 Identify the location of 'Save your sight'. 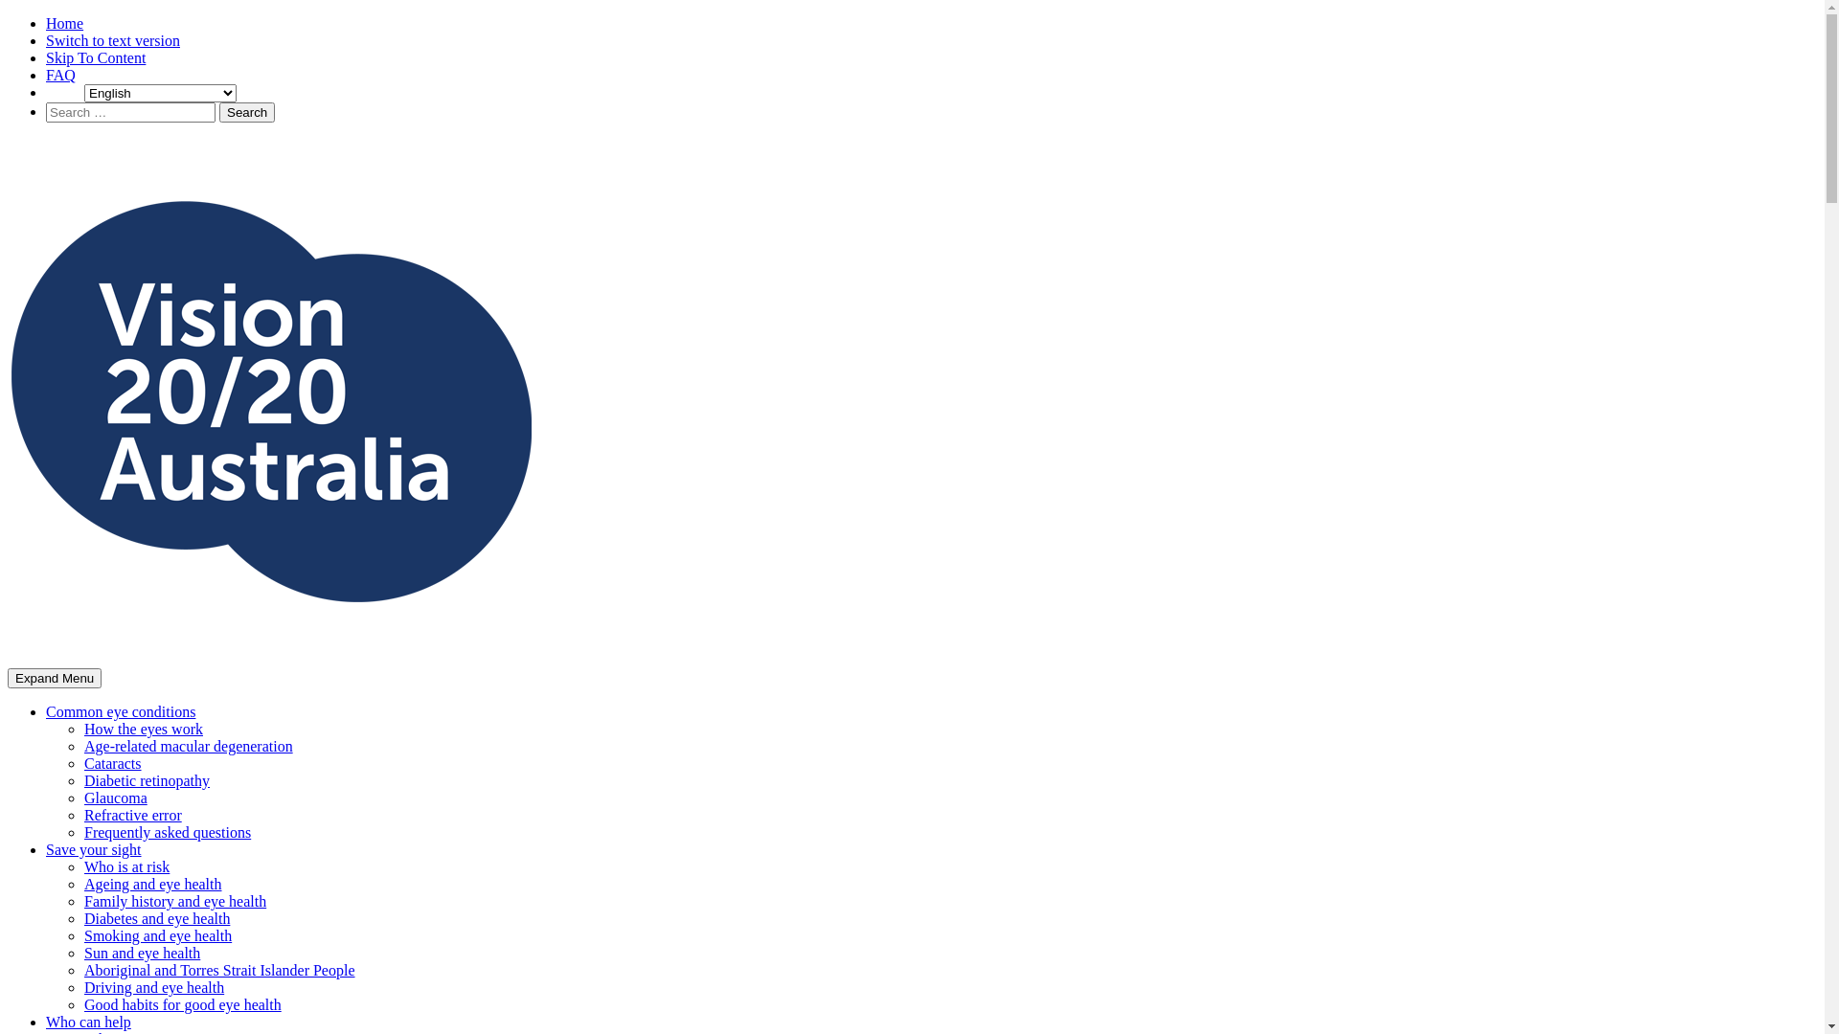
(92, 848).